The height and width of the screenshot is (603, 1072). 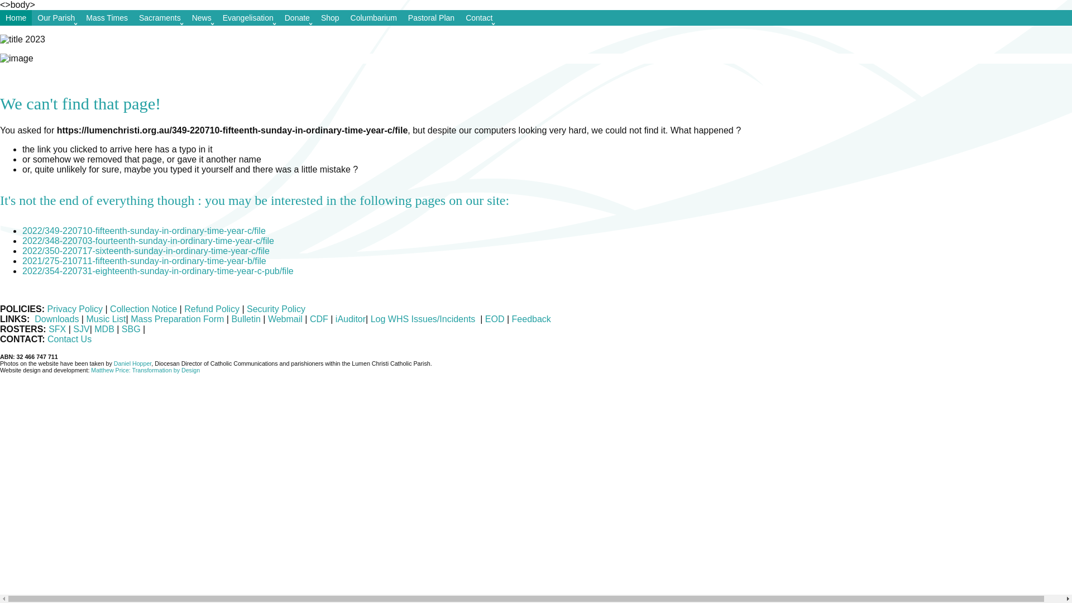 I want to click on 'Our Parish, so click(x=55, y=17).